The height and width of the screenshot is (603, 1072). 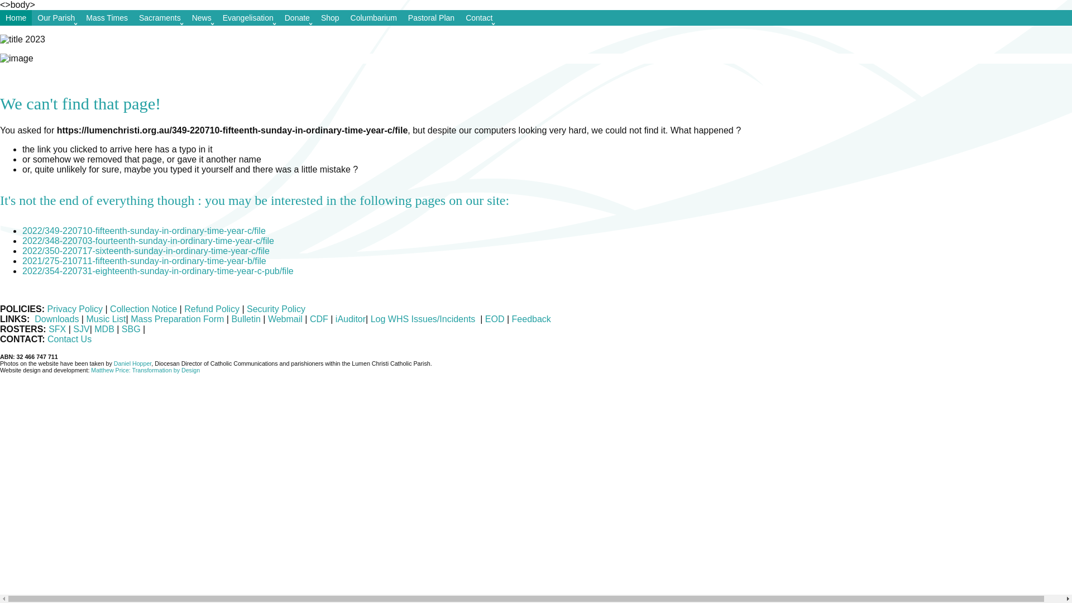 I want to click on 'Our Parish, so click(x=55, y=17).